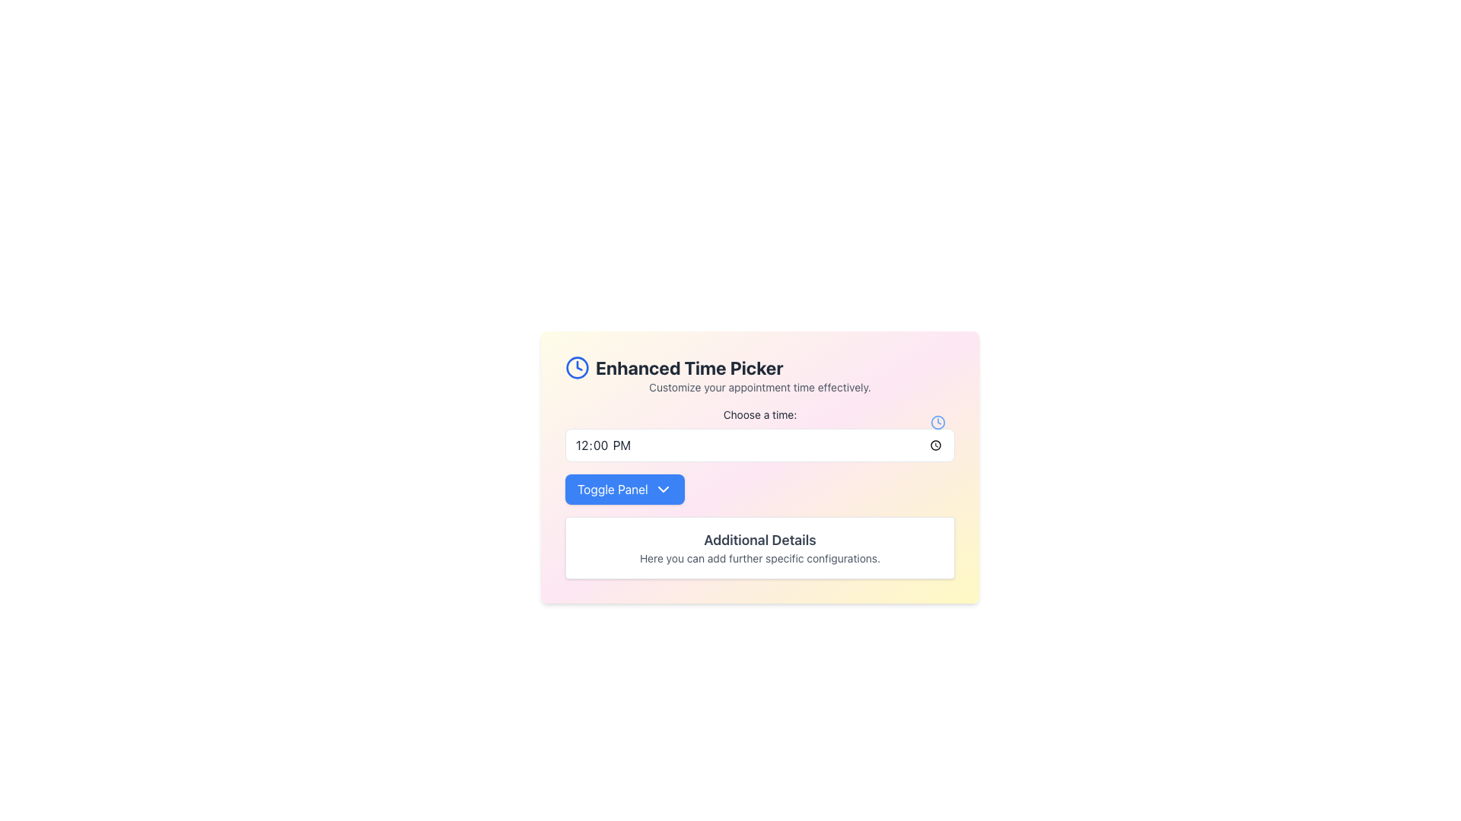 This screenshot has width=1461, height=821. Describe the element at coordinates (759, 367) in the screenshot. I see `the static text element that serves as a descriptive title for the enhanced time selection feature, positioned at the top section of the card-style interface` at that location.